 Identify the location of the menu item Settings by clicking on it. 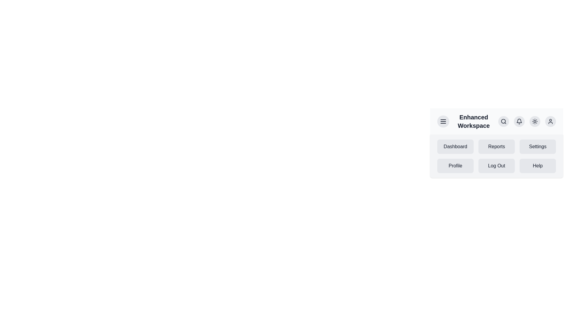
(538, 147).